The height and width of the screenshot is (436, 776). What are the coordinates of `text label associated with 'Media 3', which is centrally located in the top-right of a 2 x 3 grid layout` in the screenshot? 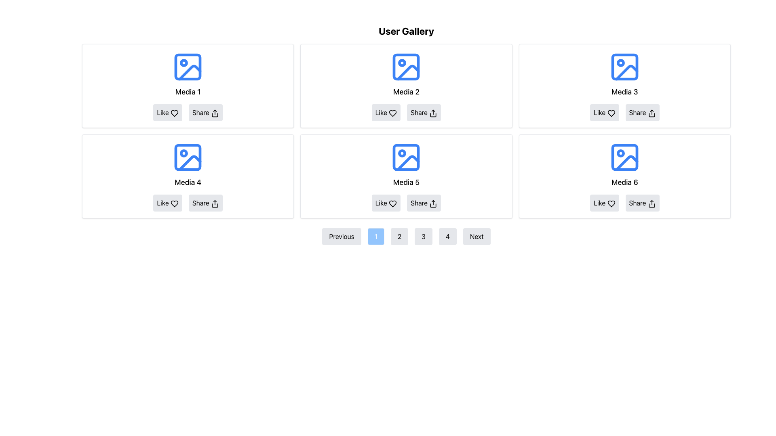 It's located at (624, 91).